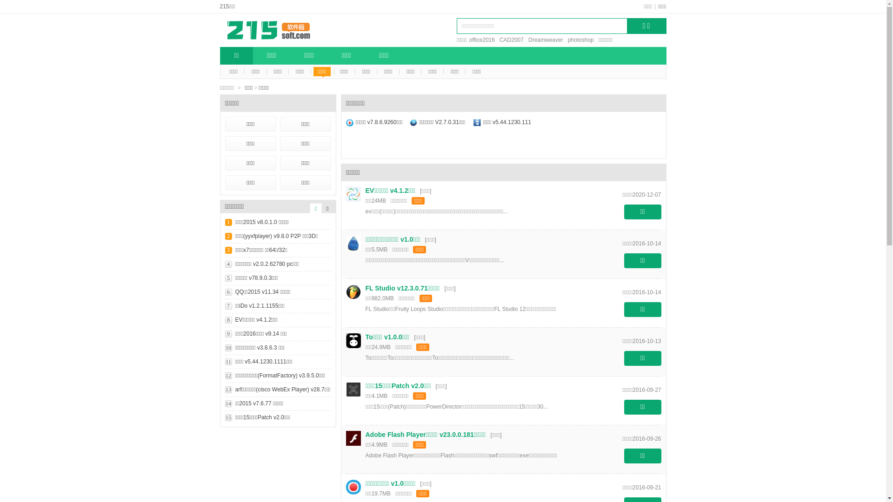  Describe the element at coordinates (499, 39) in the screenshot. I see `'CAD2007'` at that location.